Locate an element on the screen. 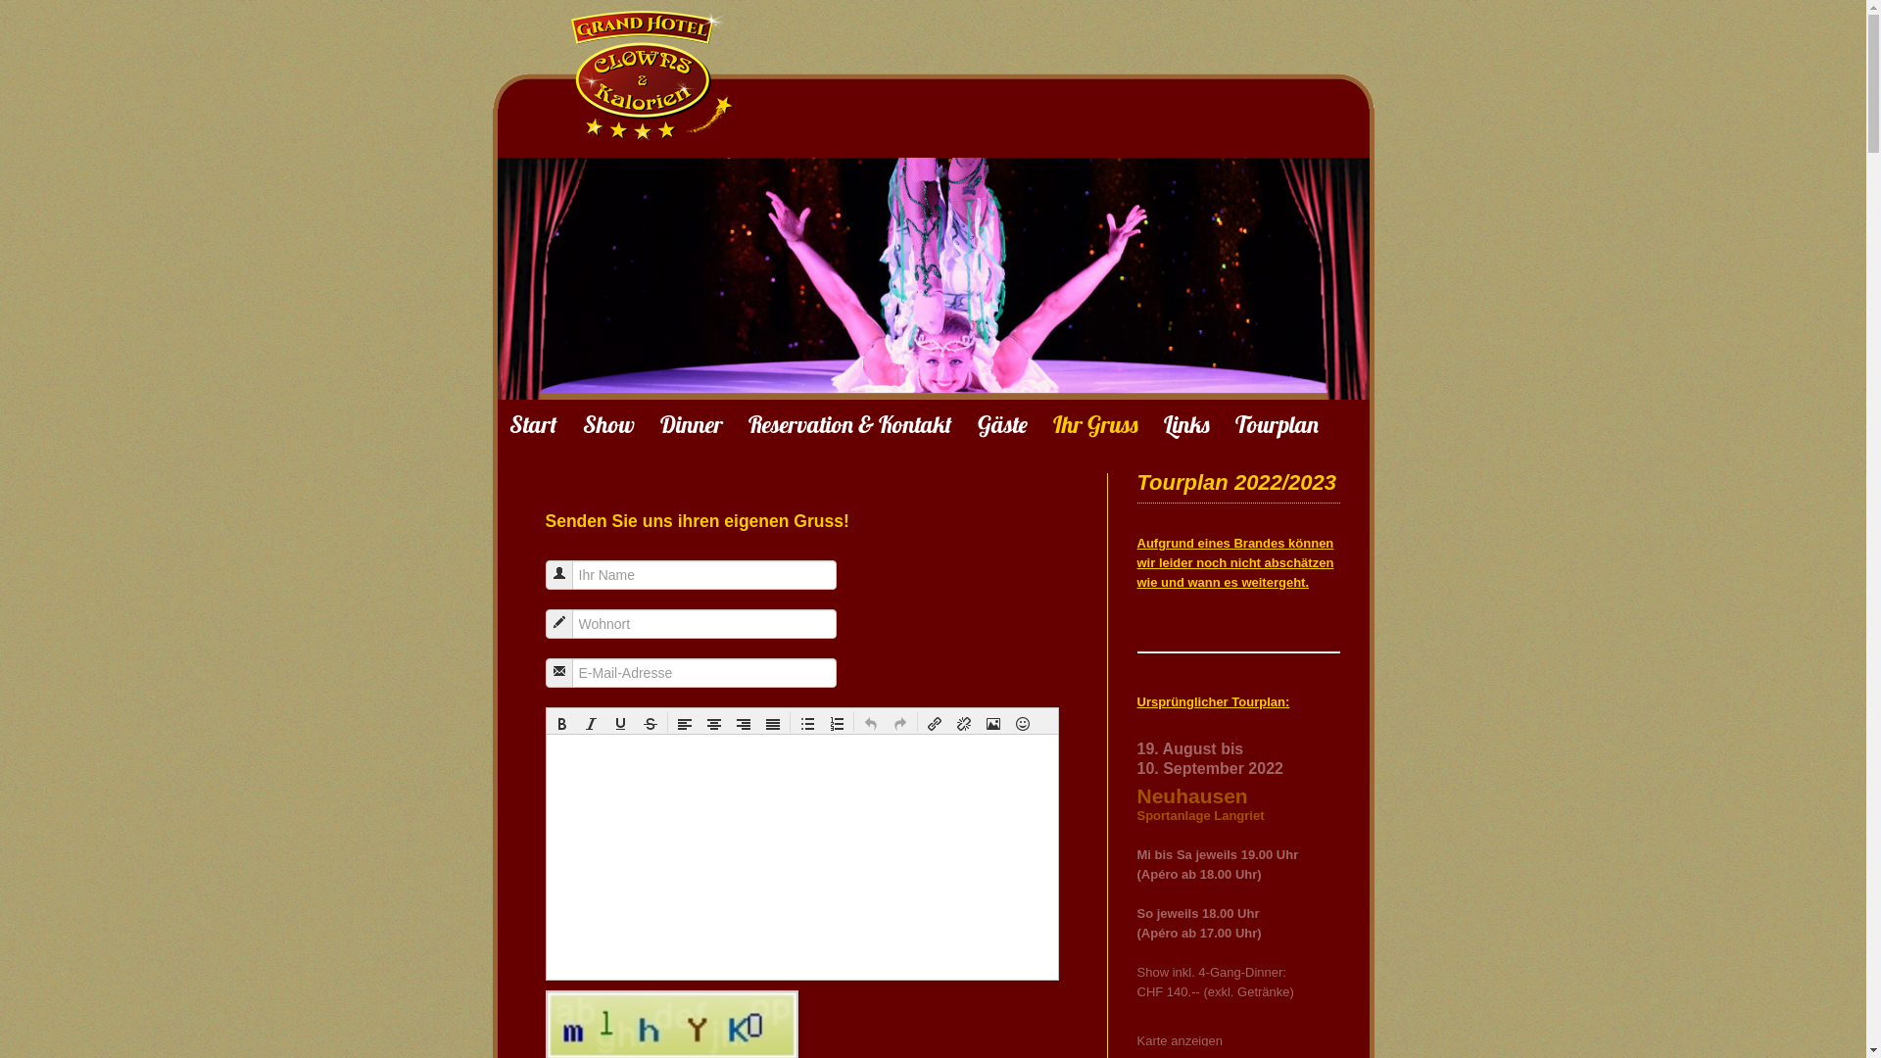 Image resolution: width=1881 pixels, height=1058 pixels. 'Karte anzeigen' is located at coordinates (1136, 1039).